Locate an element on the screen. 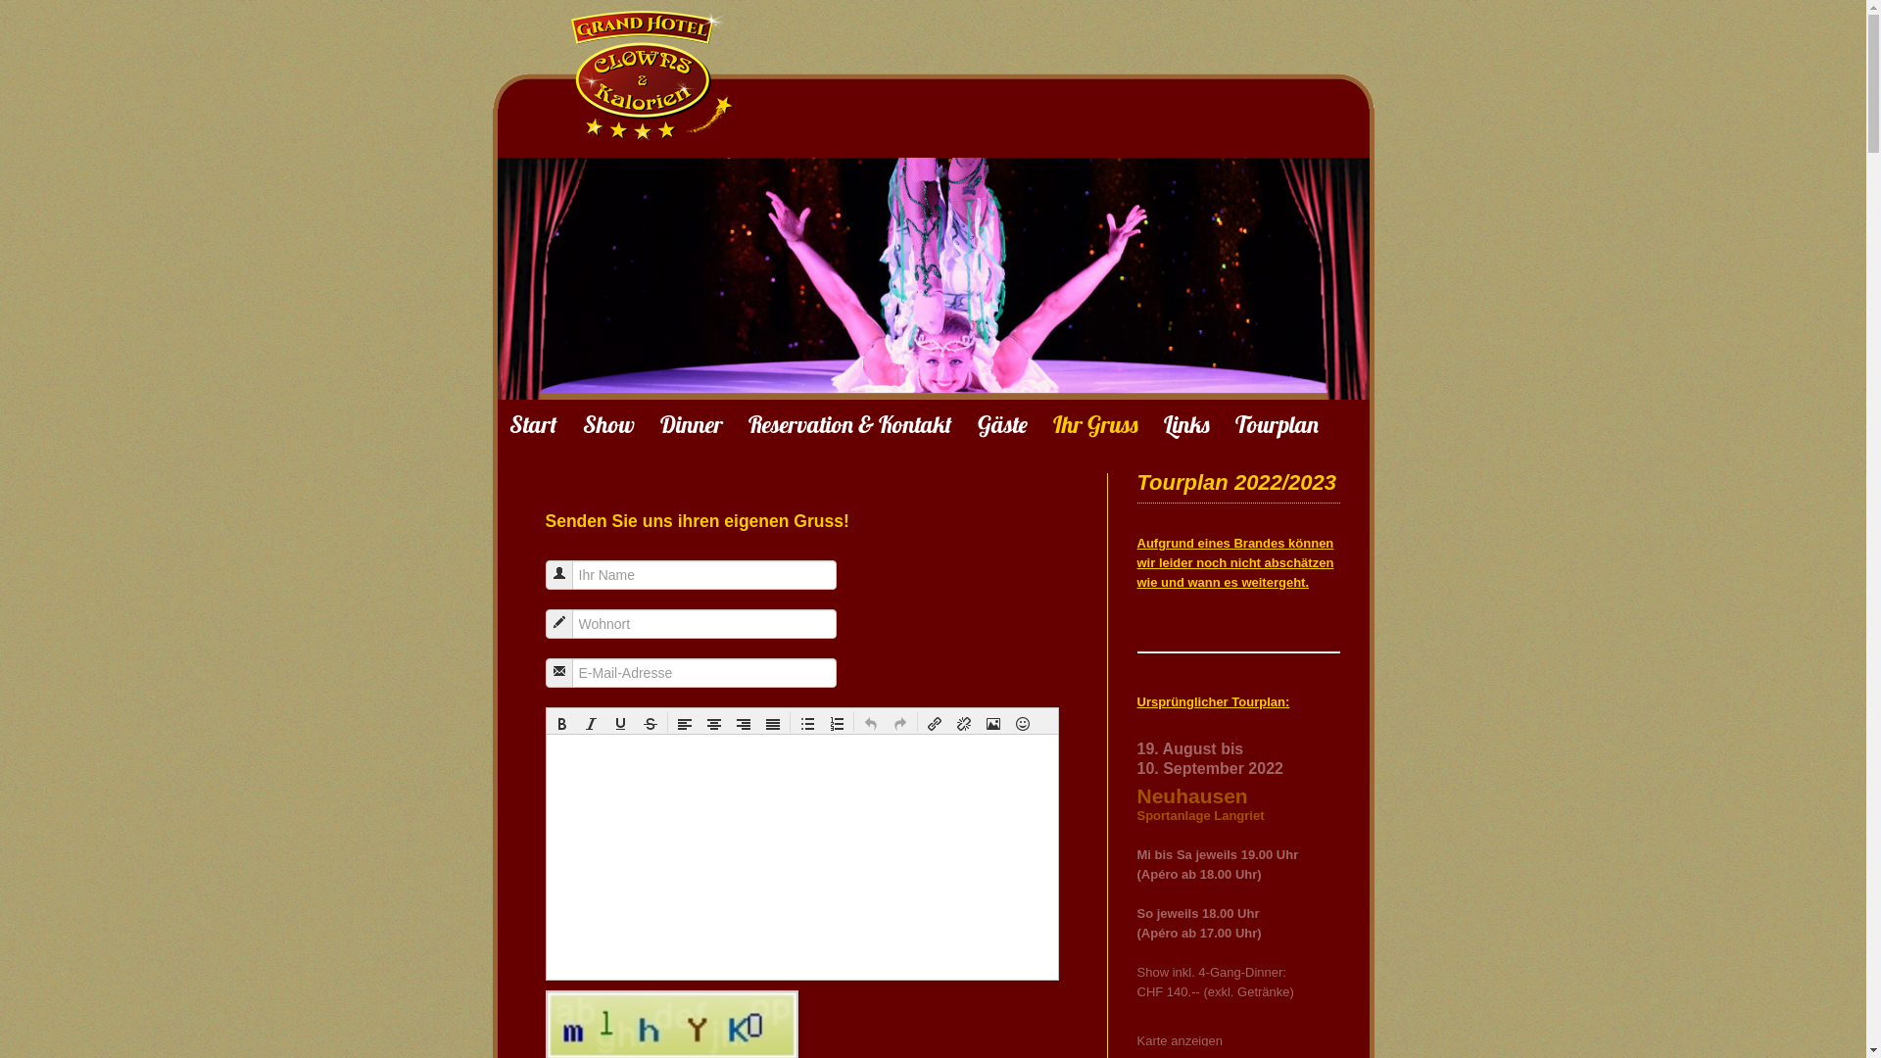 Image resolution: width=1881 pixels, height=1058 pixels. 'Karte anzeigen' is located at coordinates (1136, 1039).